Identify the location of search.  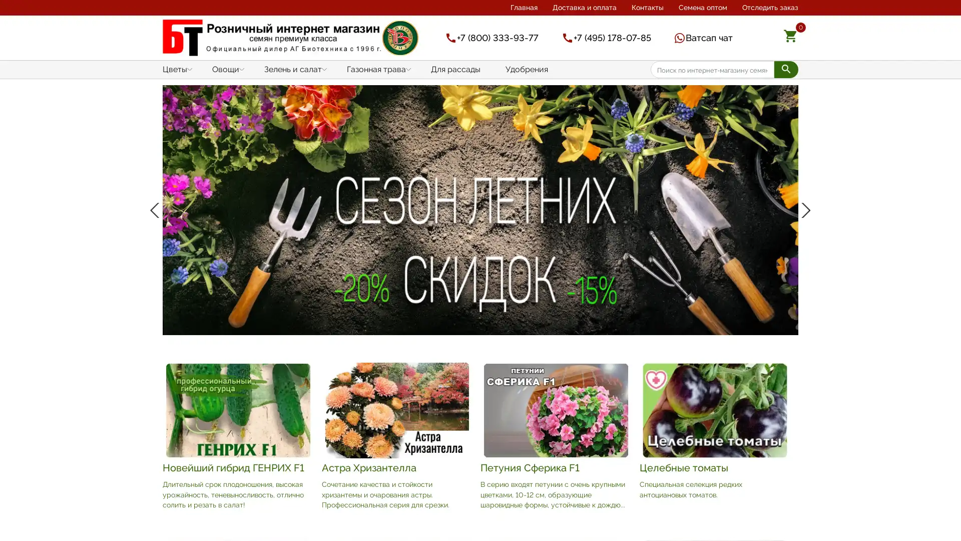
(785, 69).